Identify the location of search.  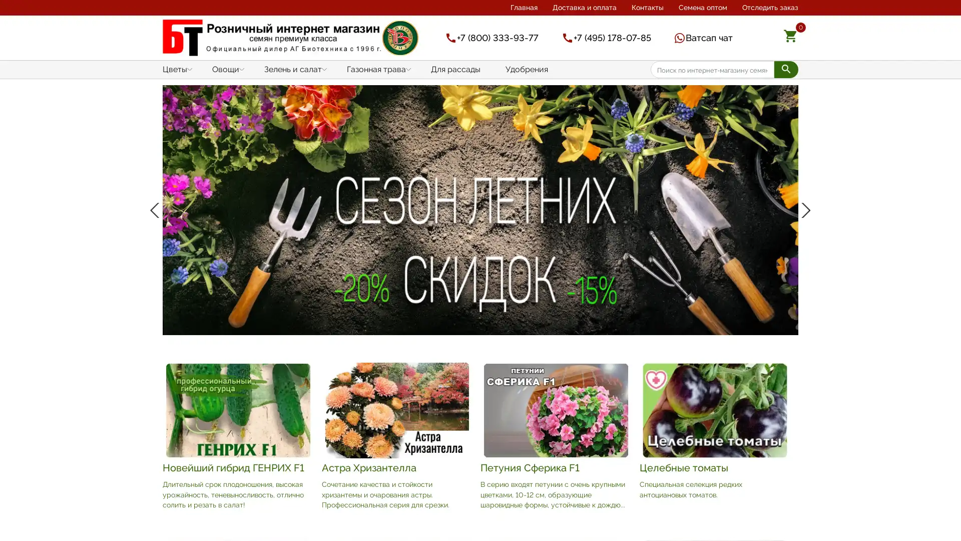
(785, 69).